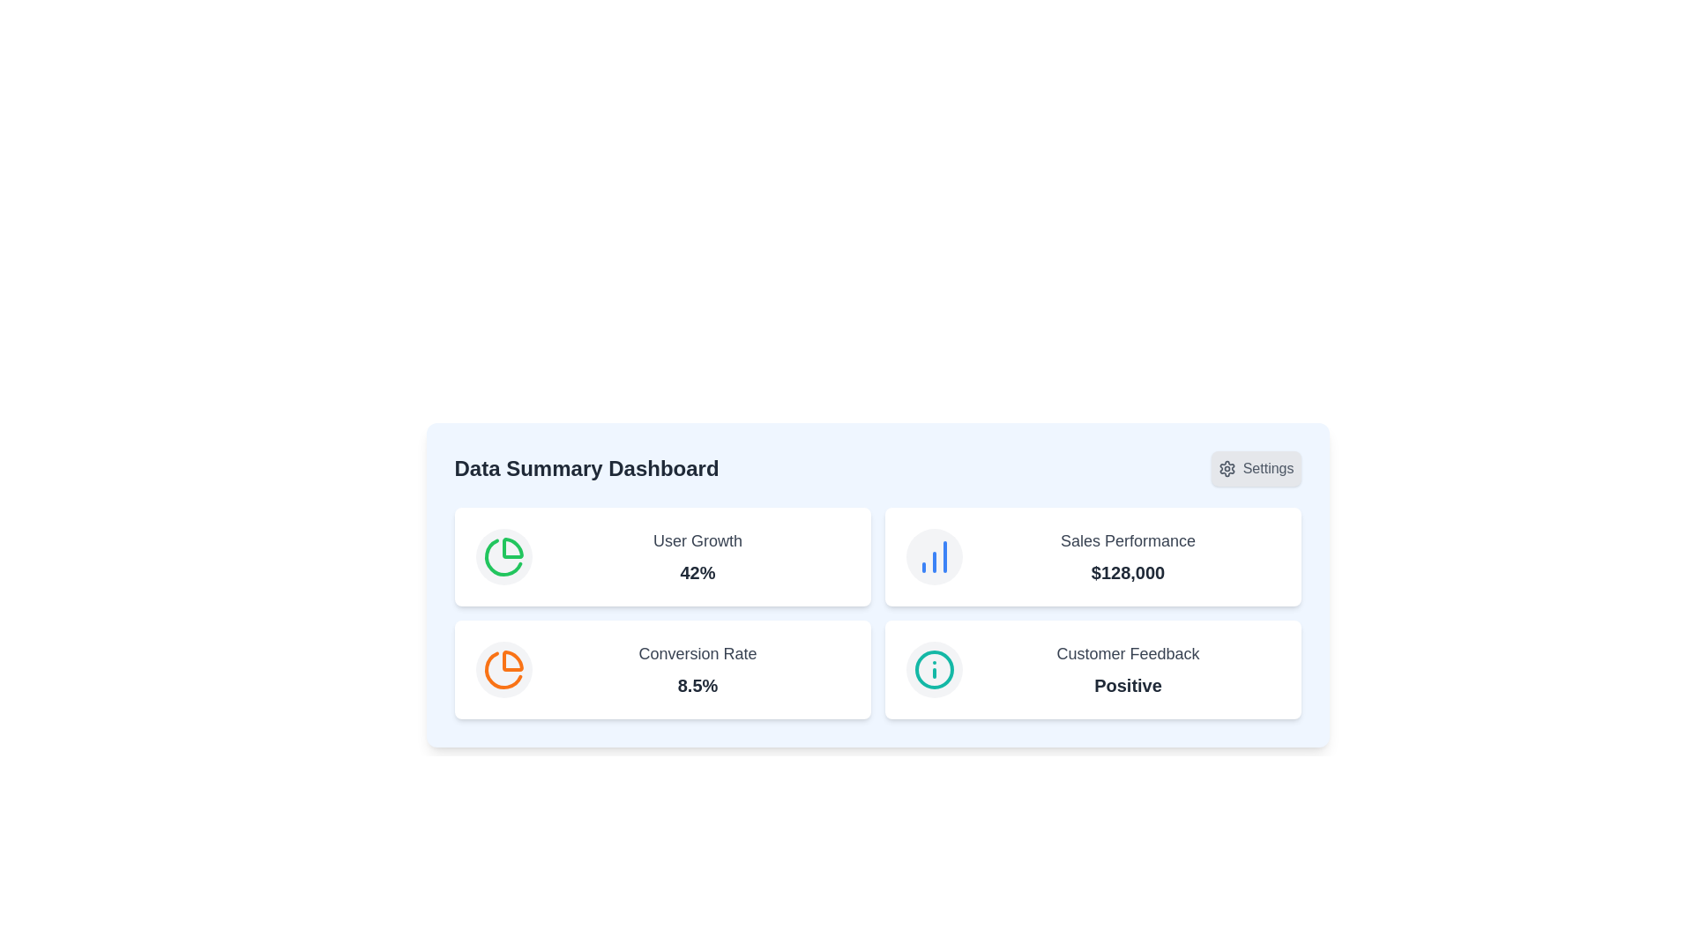 This screenshot has width=1693, height=952. Describe the element at coordinates (586, 468) in the screenshot. I see `the text label that displays 'Data Summary Dashboard', which is prominently located at the upper-left side of the dashboard layout` at that location.